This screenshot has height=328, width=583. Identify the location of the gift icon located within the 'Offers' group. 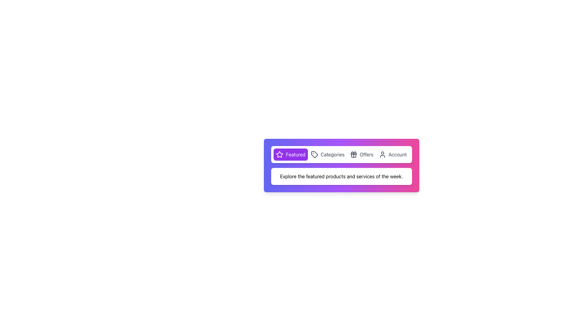
(353, 154).